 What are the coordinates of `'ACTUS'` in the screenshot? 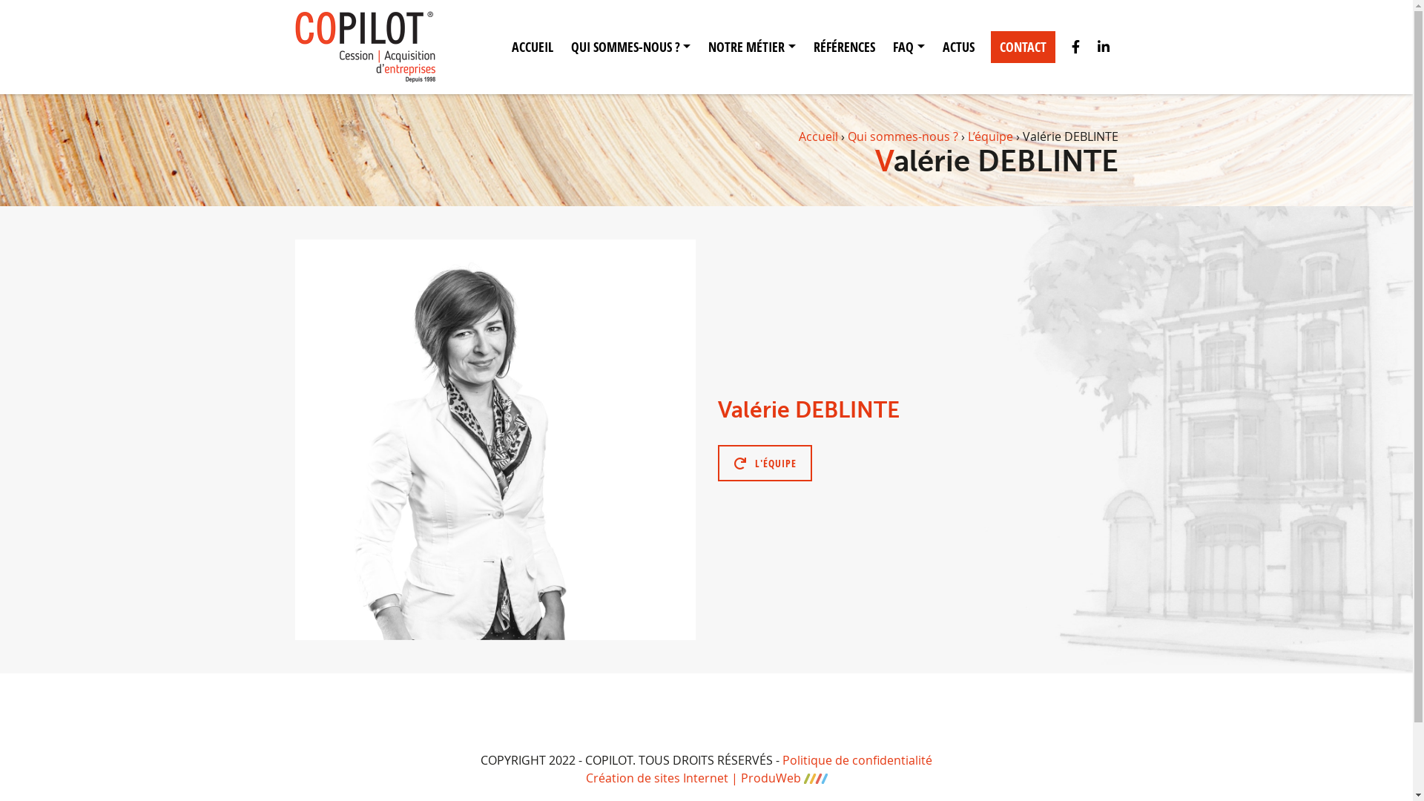 It's located at (957, 46).